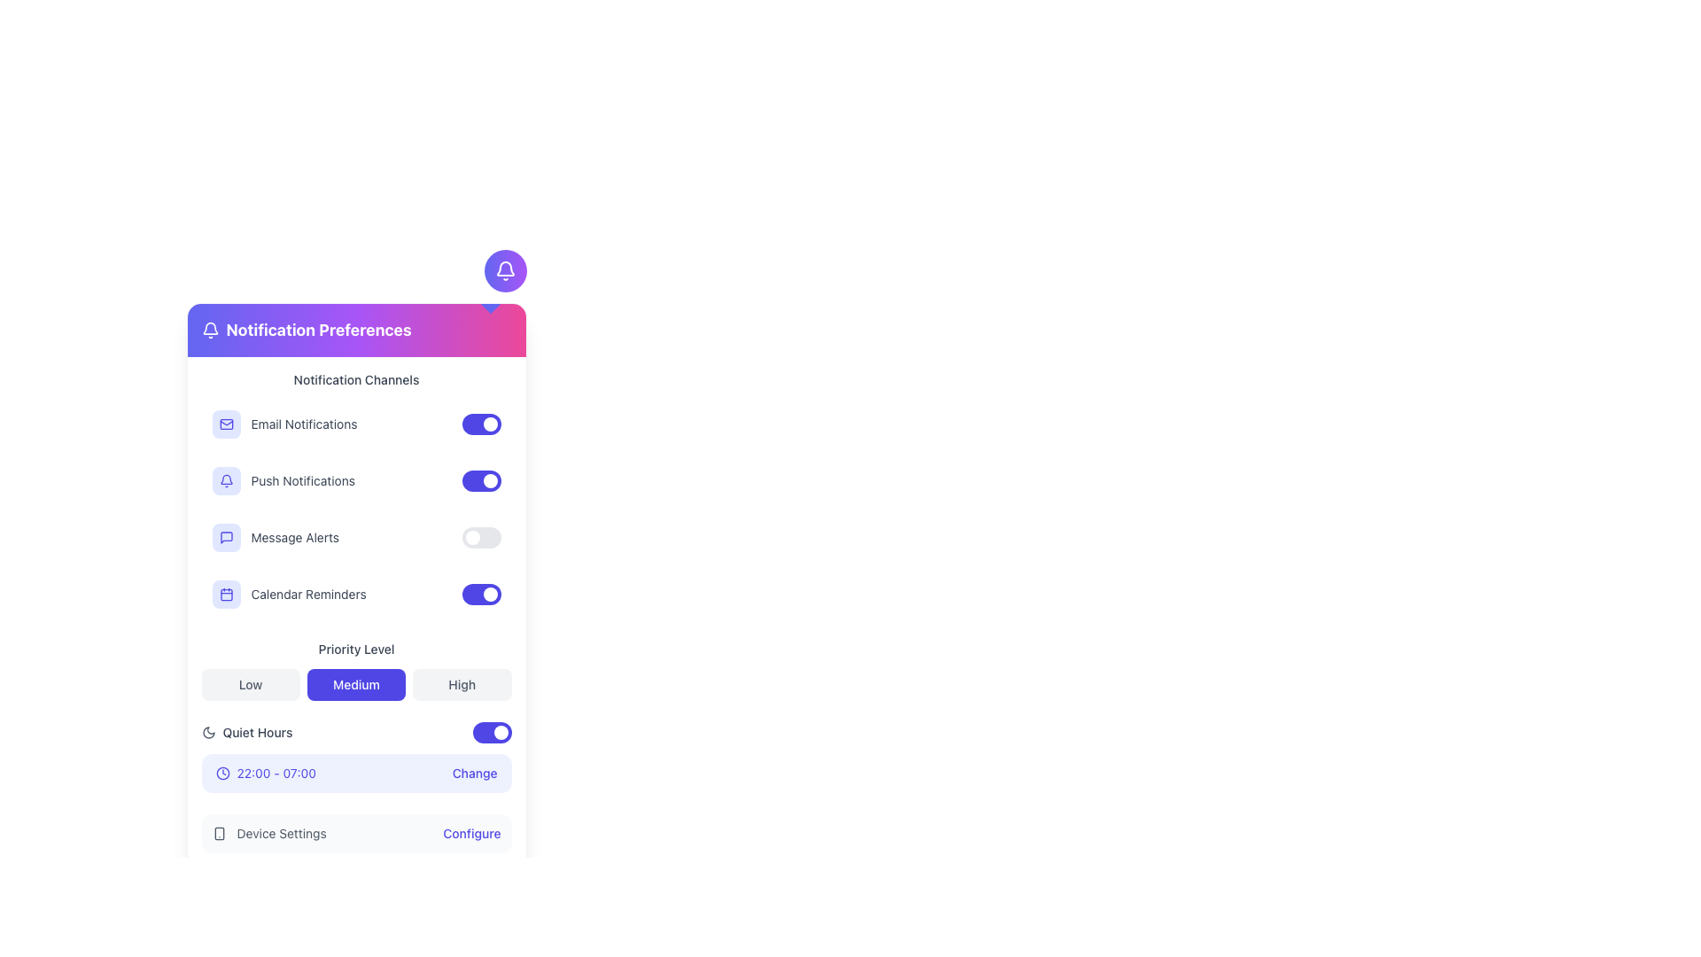  I want to click on the 'Device Settings' label with the smartphone icon, which is located near the bottom of the application layout, on the left side of its section, so click(268, 834).